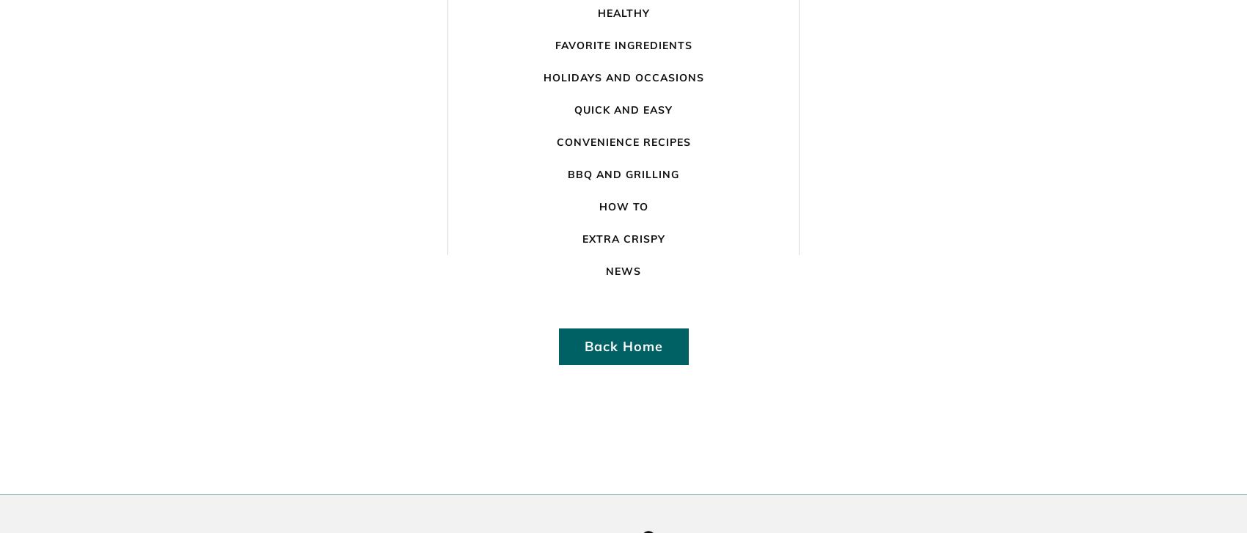  What do you see at coordinates (622, 77) in the screenshot?
I see `'Holidays and Occasions'` at bounding box center [622, 77].